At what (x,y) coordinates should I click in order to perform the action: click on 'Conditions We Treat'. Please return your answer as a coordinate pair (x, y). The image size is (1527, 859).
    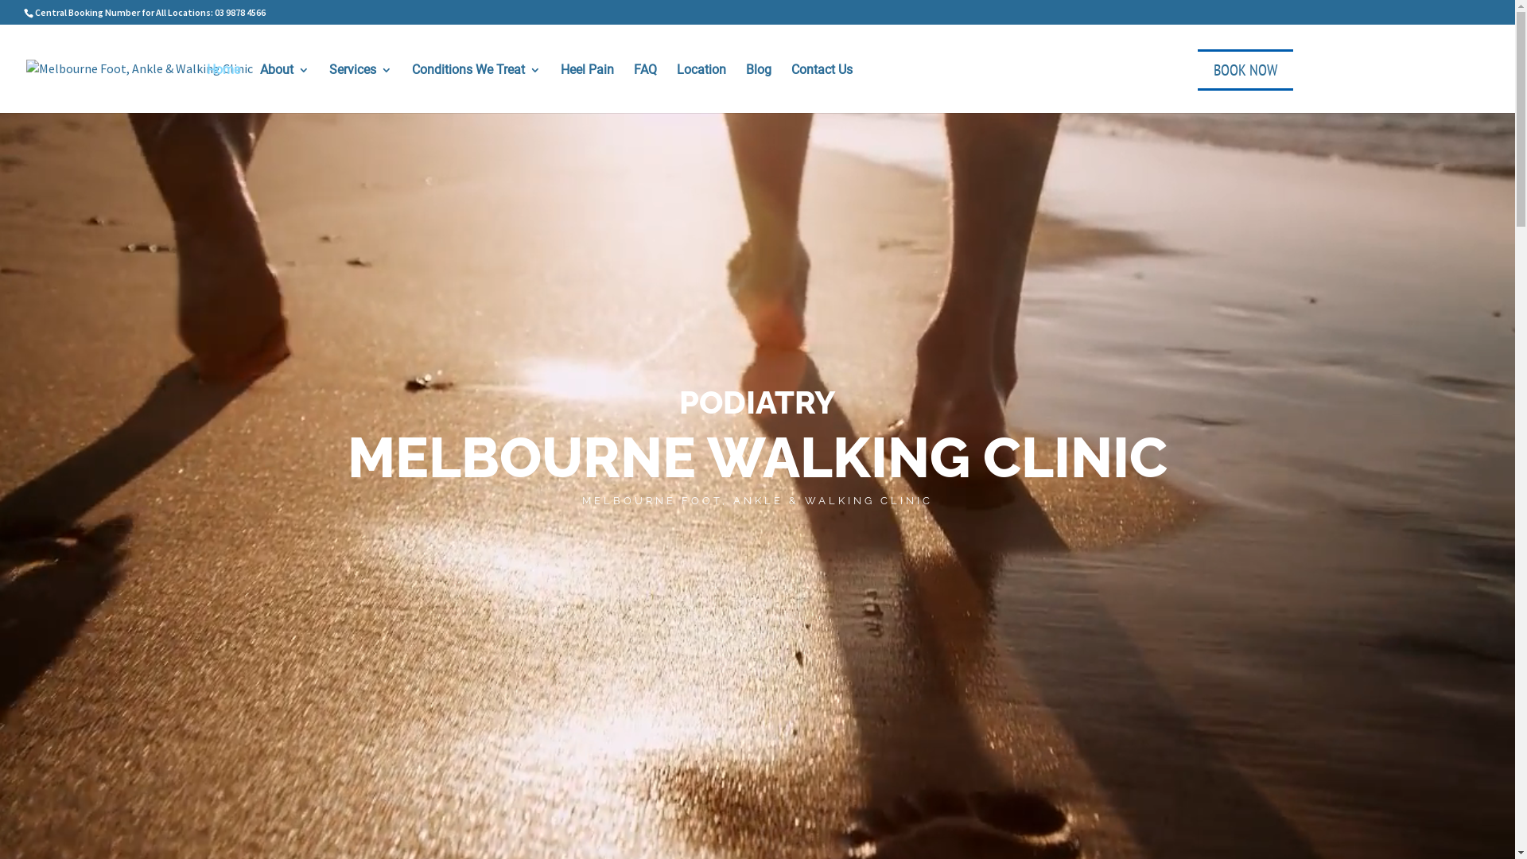
    Looking at the image, I should click on (476, 86).